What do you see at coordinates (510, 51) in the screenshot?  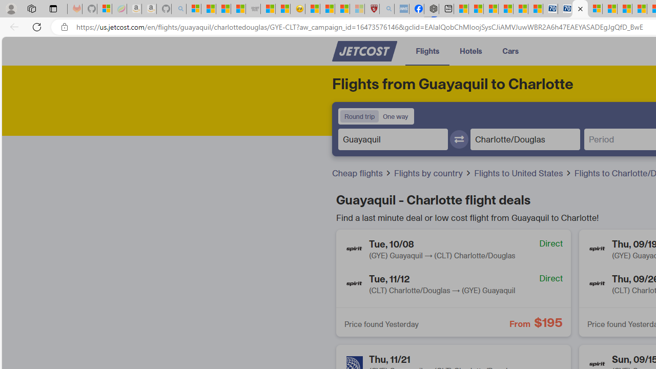 I see `'Cars'` at bounding box center [510, 51].